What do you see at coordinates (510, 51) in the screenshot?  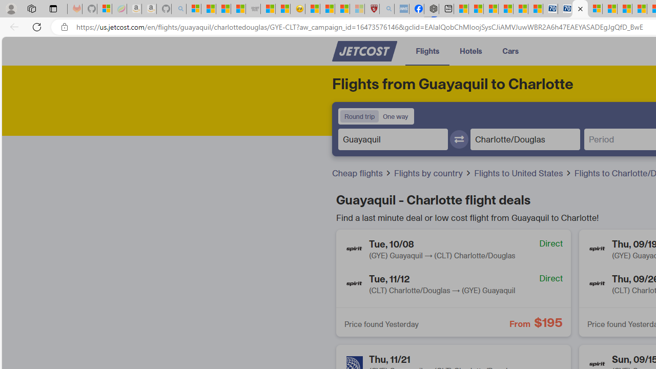 I see `'Cars'` at bounding box center [510, 51].